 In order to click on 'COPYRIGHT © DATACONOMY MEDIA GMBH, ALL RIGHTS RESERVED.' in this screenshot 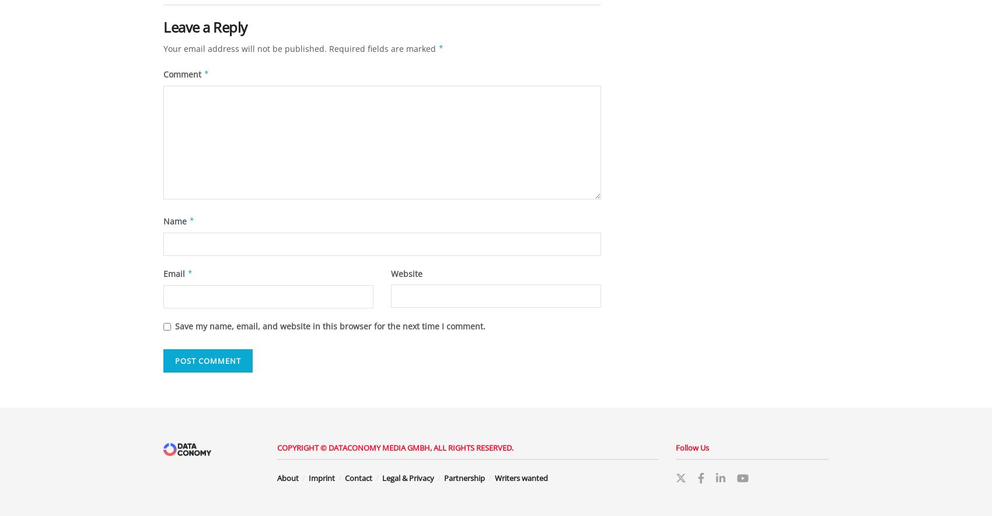, I will do `click(277, 447)`.